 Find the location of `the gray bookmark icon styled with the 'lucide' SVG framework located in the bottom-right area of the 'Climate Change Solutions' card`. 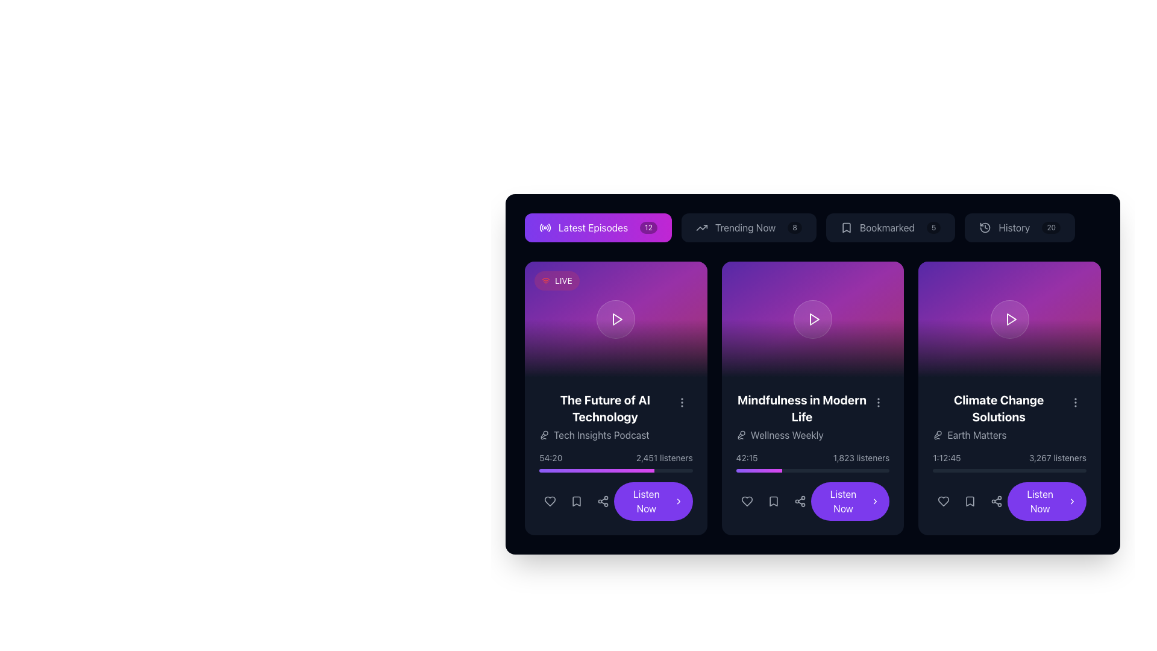

the gray bookmark icon styled with the 'lucide' SVG framework located in the bottom-right area of the 'Climate Change Solutions' card is located at coordinates (970, 502).